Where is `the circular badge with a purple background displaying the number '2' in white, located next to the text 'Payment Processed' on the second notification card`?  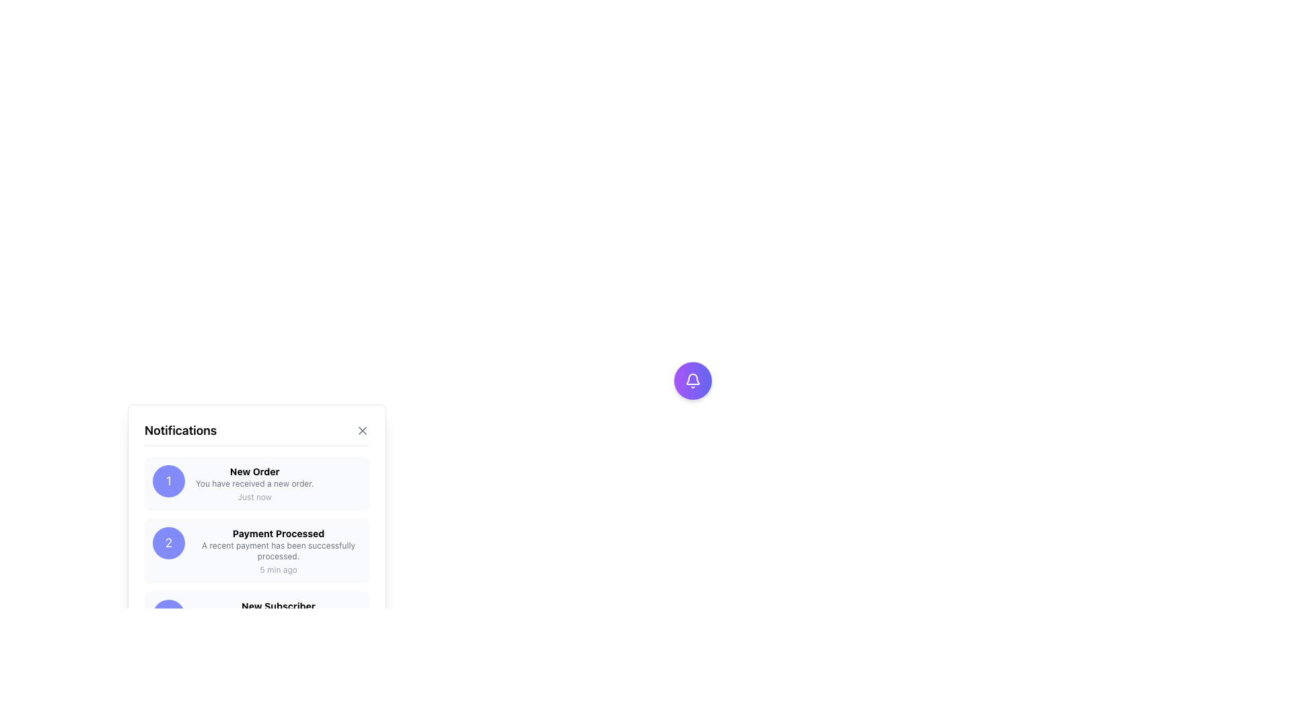 the circular badge with a purple background displaying the number '2' in white, located next to the text 'Payment Processed' on the second notification card is located at coordinates (168, 542).